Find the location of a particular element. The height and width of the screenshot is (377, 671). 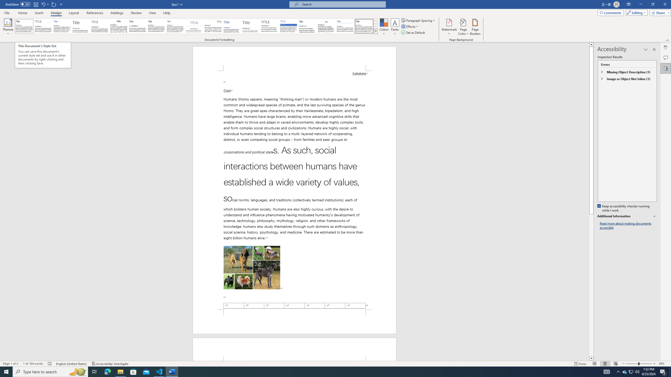

'Black & White (Numbered)' is located at coordinates (137, 26).